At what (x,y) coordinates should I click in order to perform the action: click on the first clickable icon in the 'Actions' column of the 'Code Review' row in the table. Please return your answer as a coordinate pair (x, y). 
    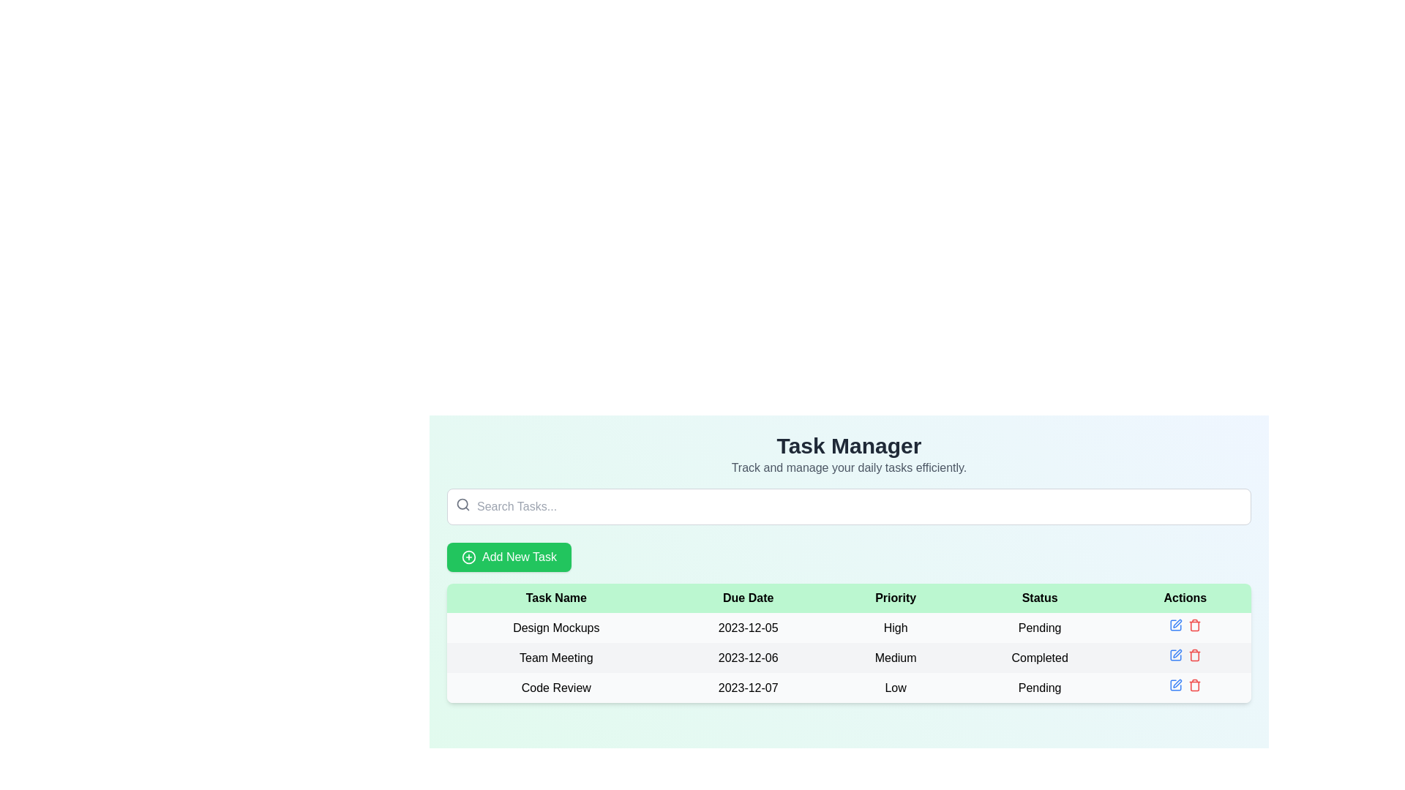
    Looking at the image, I should click on (1175, 685).